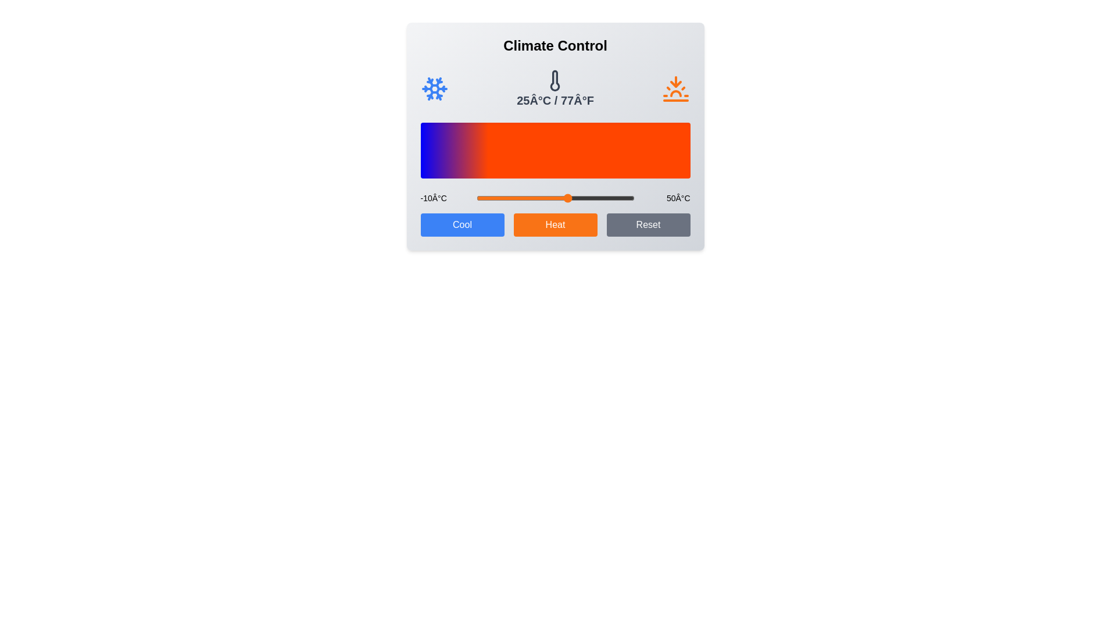 This screenshot has height=628, width=1116. Describe the element at coordinates (544, 197) in the screenshot. I see `the temperature slider to 16 degrees Celsius` at that location.